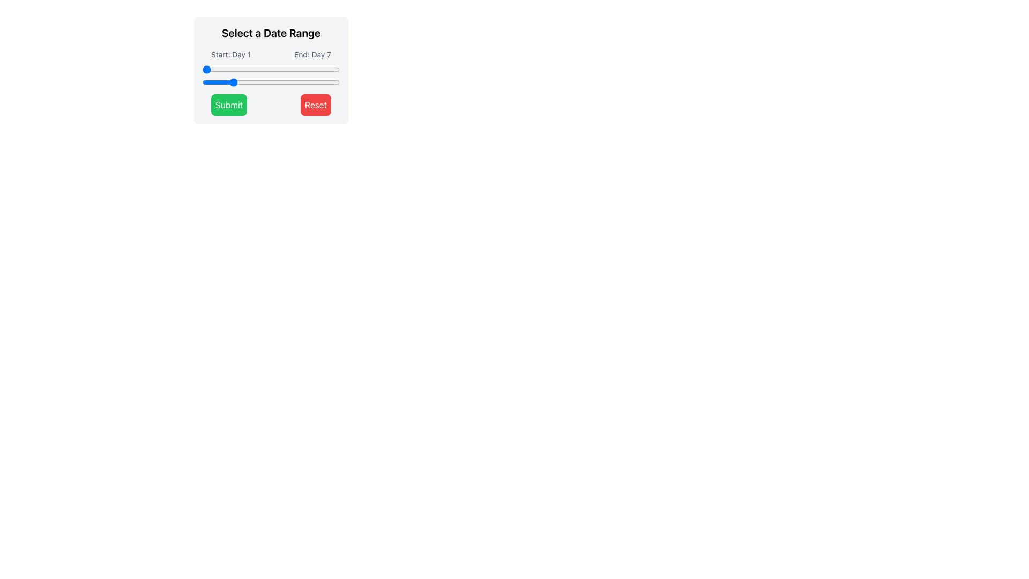 The height and width of the screenshot is (579, 1029). What do you see at coordinates (203, 82) in the screenshot?
I see `the slider` at bounding box center [203, 82].